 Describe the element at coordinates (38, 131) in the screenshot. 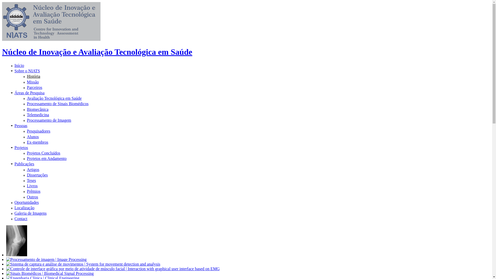

I see `'Pesquisadores'` at that location.